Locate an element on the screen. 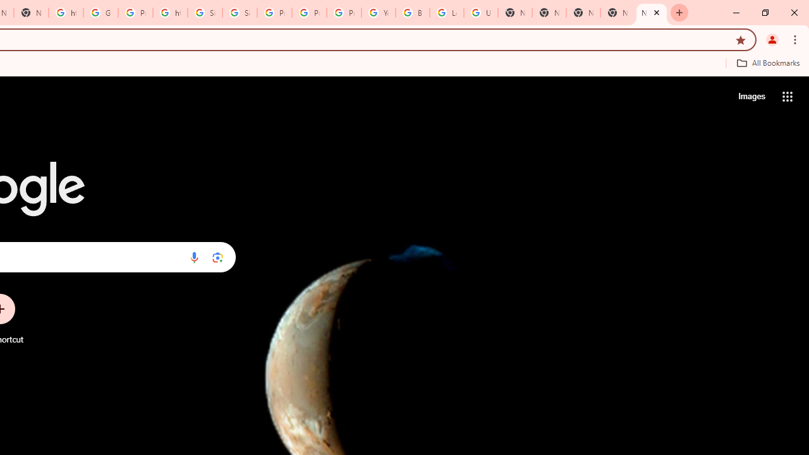 This screenshot has height=455, width=809. 'Privacy Help Center - Policies Help' is located at coordinates (274, 13).